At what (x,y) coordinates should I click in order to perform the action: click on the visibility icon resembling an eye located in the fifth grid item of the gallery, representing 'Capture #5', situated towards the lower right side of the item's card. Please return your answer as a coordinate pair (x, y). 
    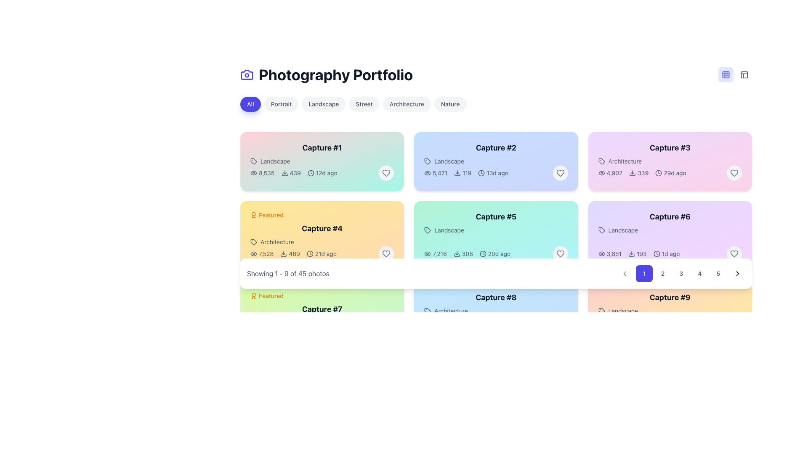
    Looking at the image, I should click on (428, 253).